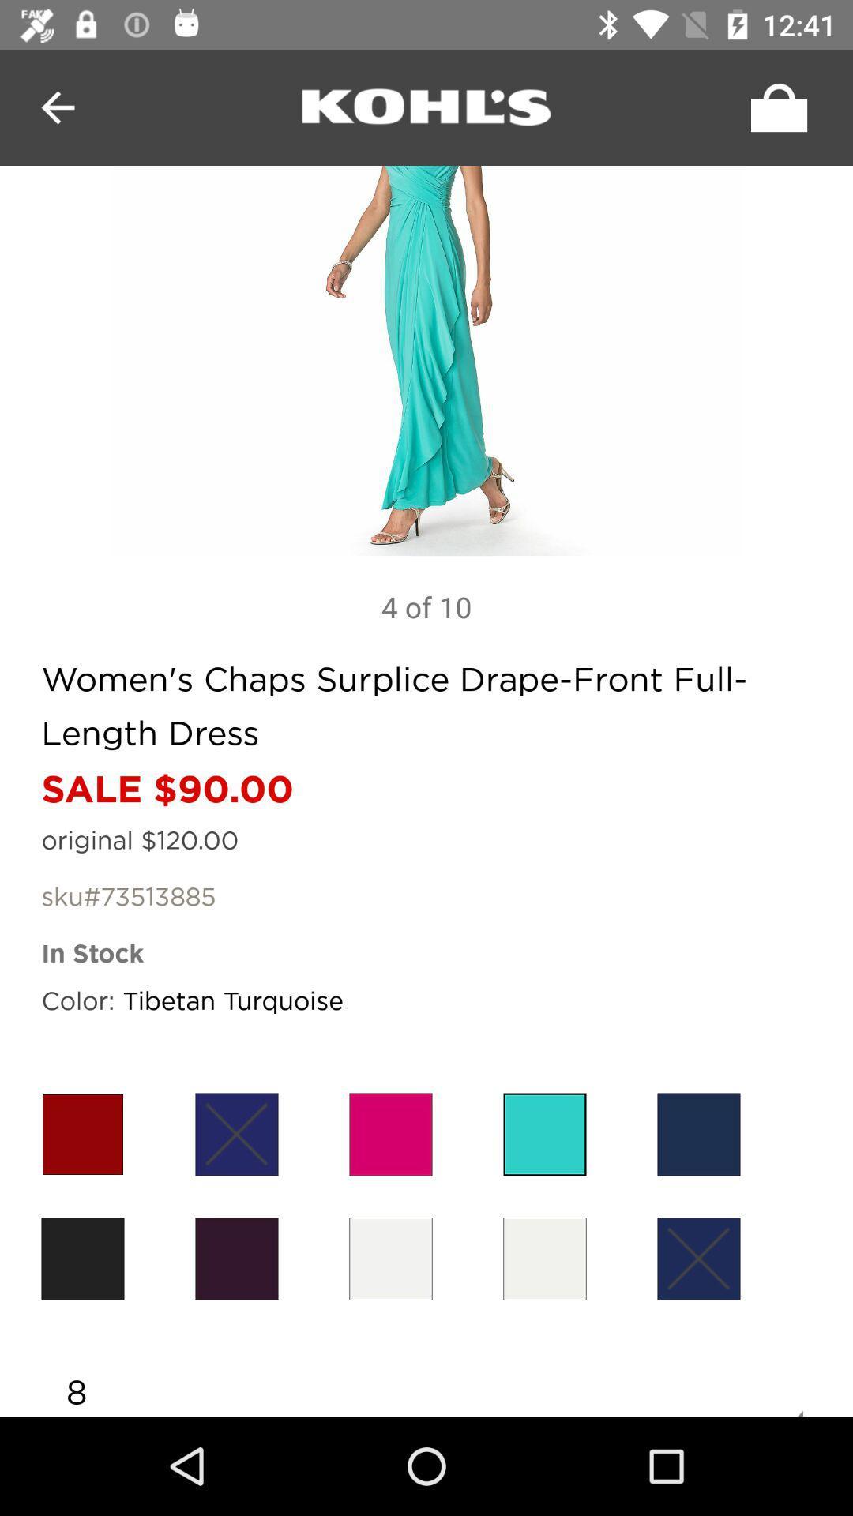  What do you see at coordinates (697, 1258) in the screenshot?
I see `the close icon` at bounding box center [697, 1258].